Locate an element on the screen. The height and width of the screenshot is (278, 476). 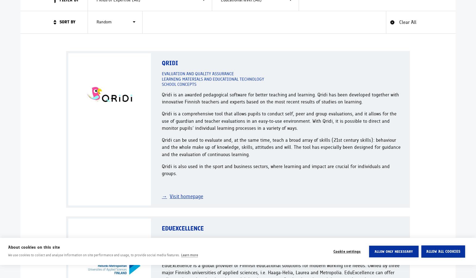
'Visit homepage' is located at coordinates (186, 196).